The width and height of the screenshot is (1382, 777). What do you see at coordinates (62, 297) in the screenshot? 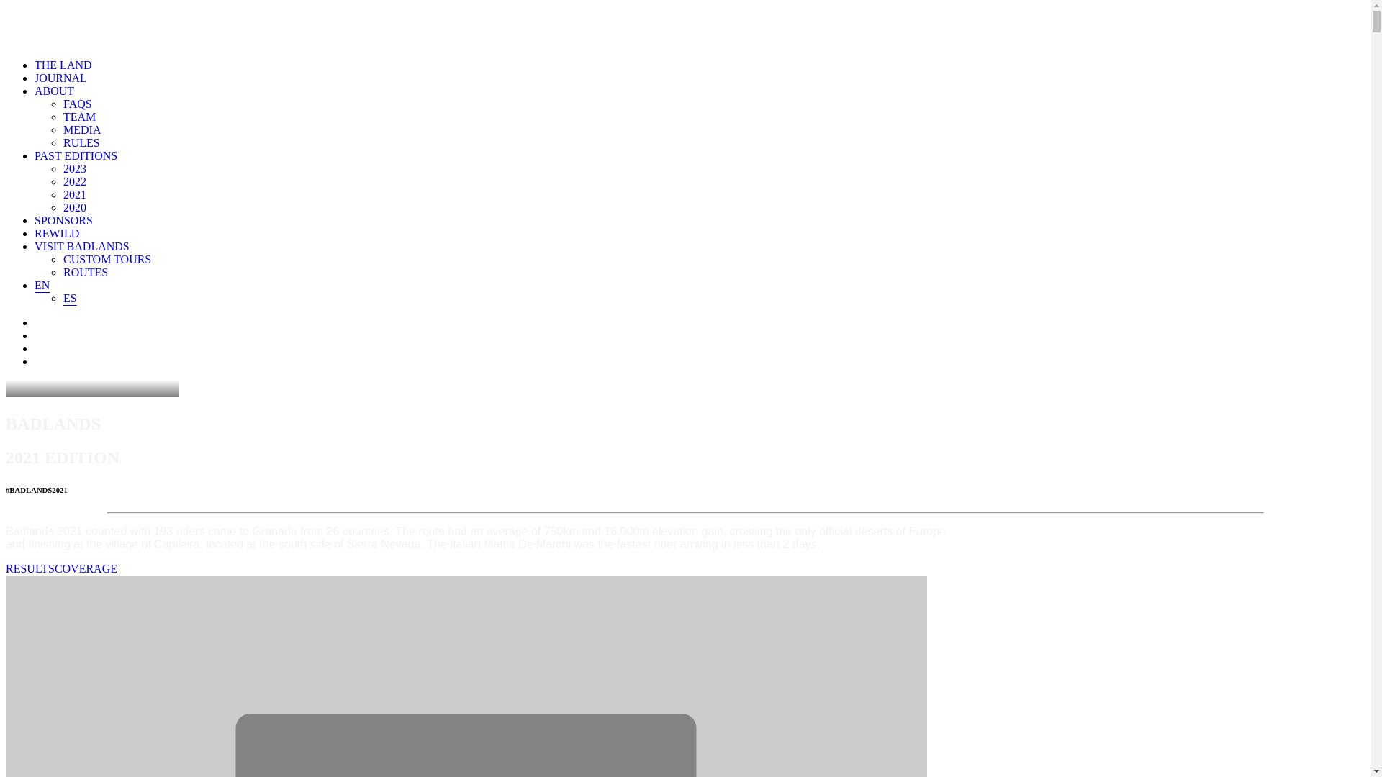
I see `'ES'` at bounding box center [62, 297].